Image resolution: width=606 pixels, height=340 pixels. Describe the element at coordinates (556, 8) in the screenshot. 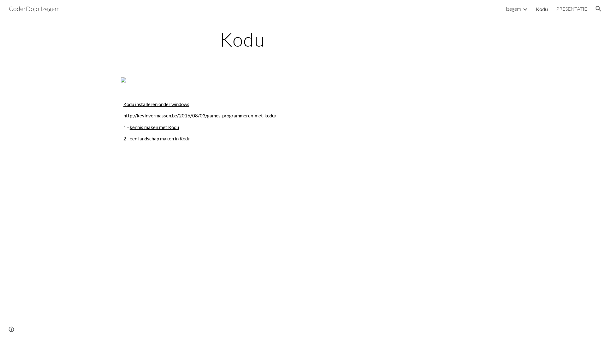

I see `'PRESENTATIE'` at that location.